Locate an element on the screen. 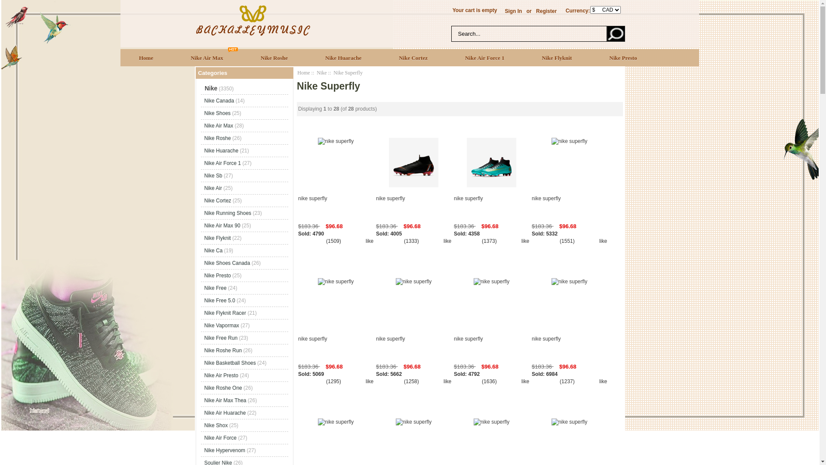  'Nike Air Presto' is located at coordinates (204, 375).